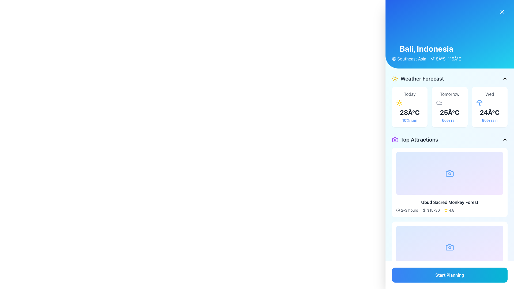  Describe the element at coordinates (424, 210) in the screenshot. I see `the dollar sign icon ('$') located below the 'Ubud Sacred Monkey Forest' title in the 'Top Attractions' section, which is the first element in a horizontal grouping with the text '$15-30'` at that location.